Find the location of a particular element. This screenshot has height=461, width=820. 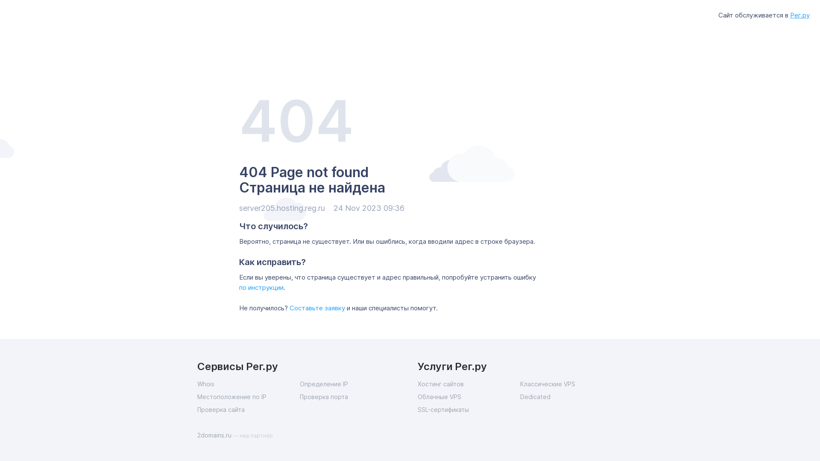

'2domains.ru' is located at coordinates (215, 435).